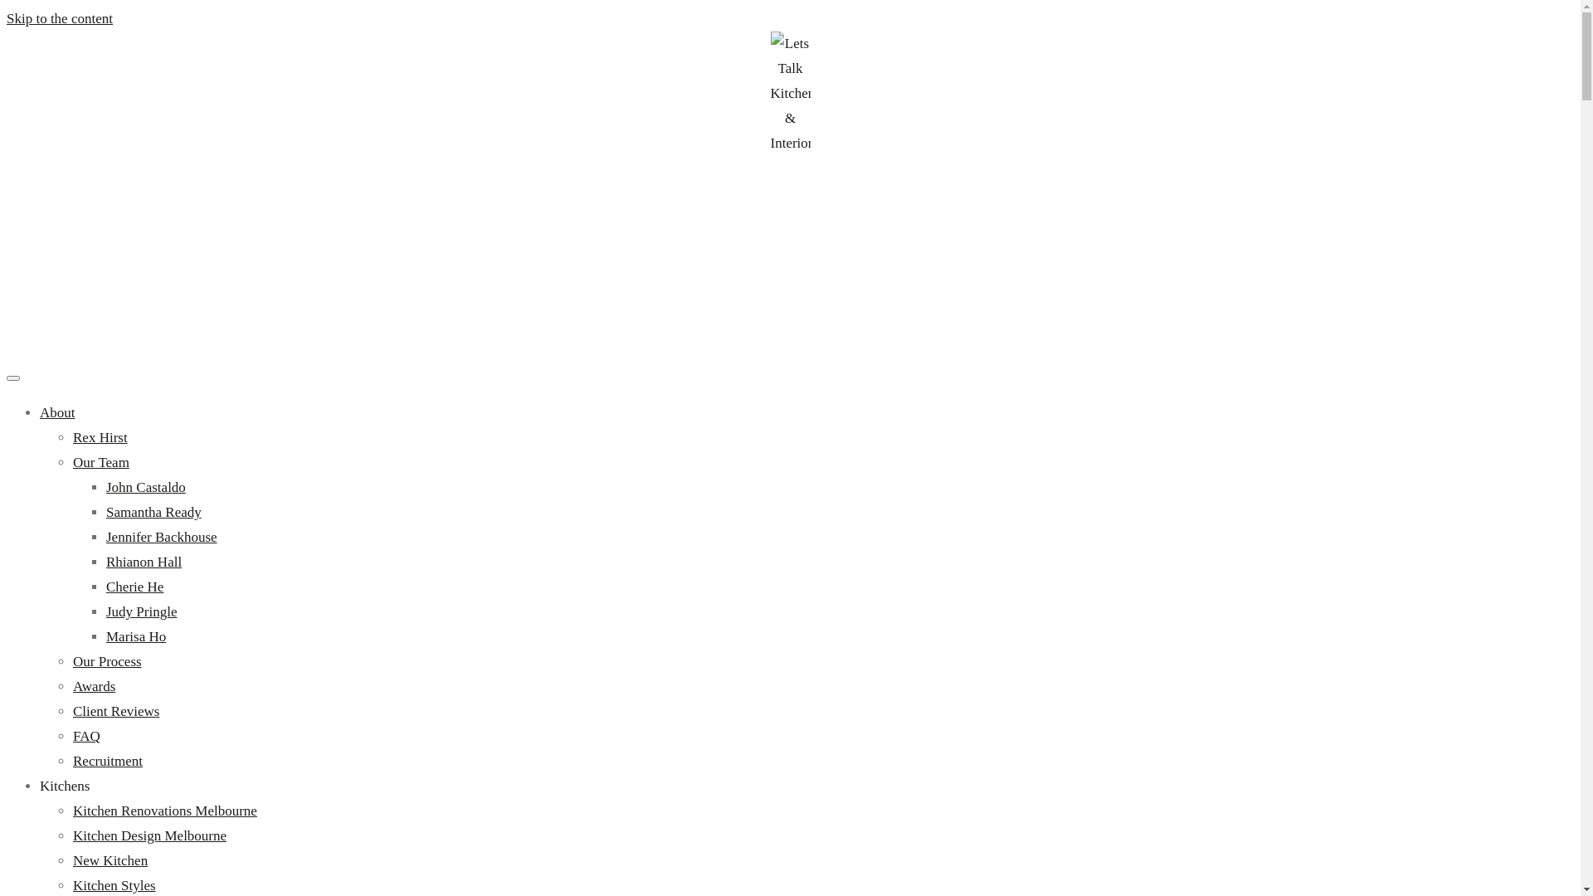 The width and height of the screenshot is (1593, 896). I want to click on 'Skip to the content', so click(7, 18).